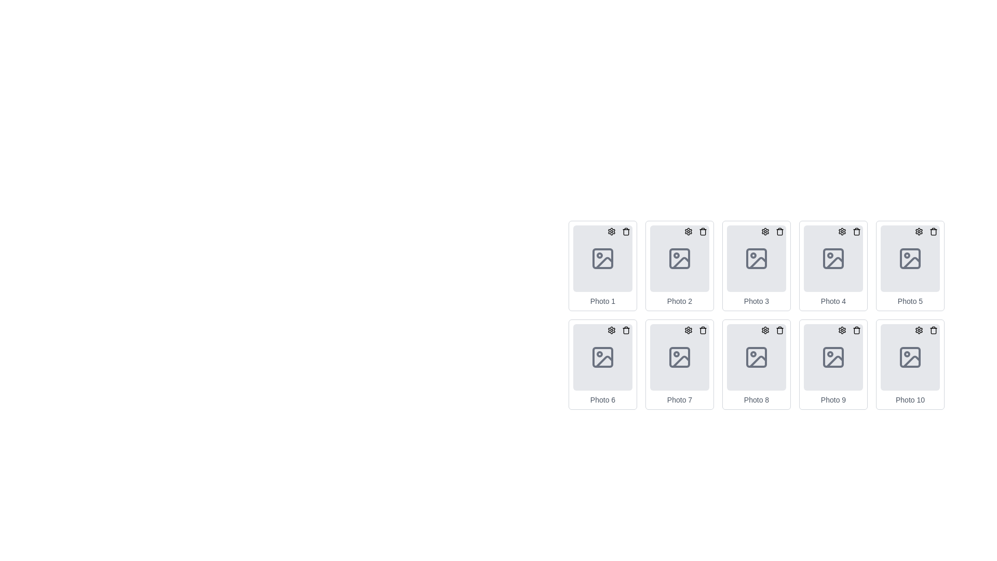  Describe the element at coordinates (909, 258) in the screenshot. I see `the Image Placeholder with a light gray background and rounded border located in the center of the 'Photo 5' card` at that location.